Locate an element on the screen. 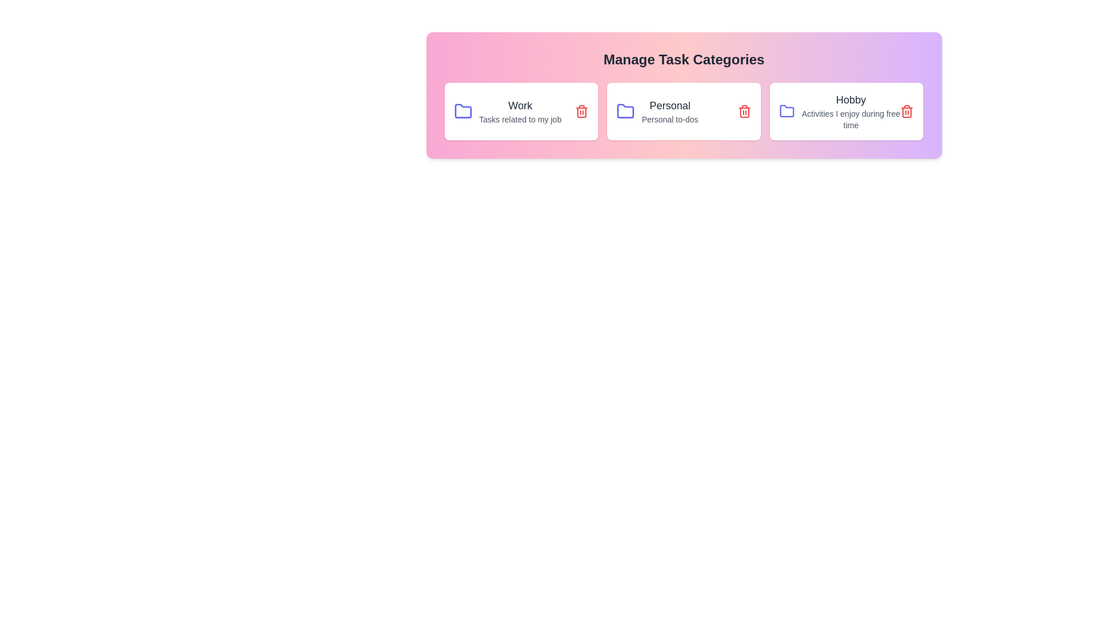 The image size is (1105, 621). the delete icon for the category Personal is located at coordinates (744, 111).